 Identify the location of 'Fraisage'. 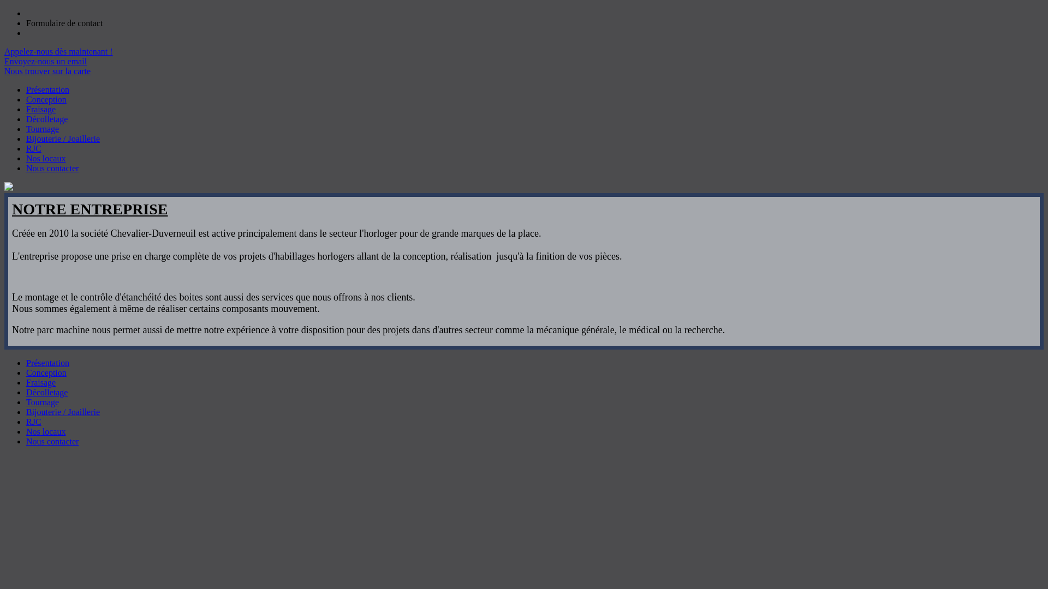
(26, 382).